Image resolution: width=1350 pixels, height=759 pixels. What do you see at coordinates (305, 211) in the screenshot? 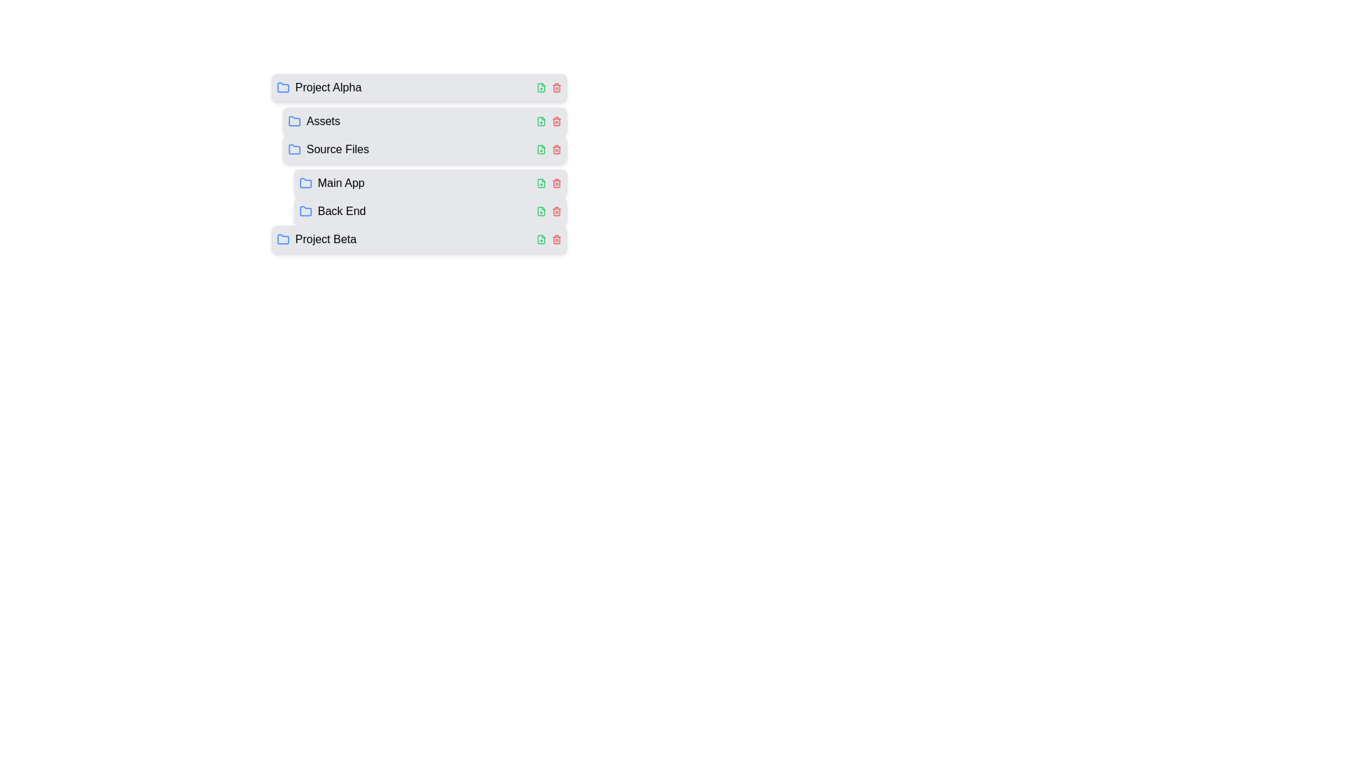
I see `the folder icon with a blue outline located to the left of the text 'Back End'` at bounding box center [305, 211].